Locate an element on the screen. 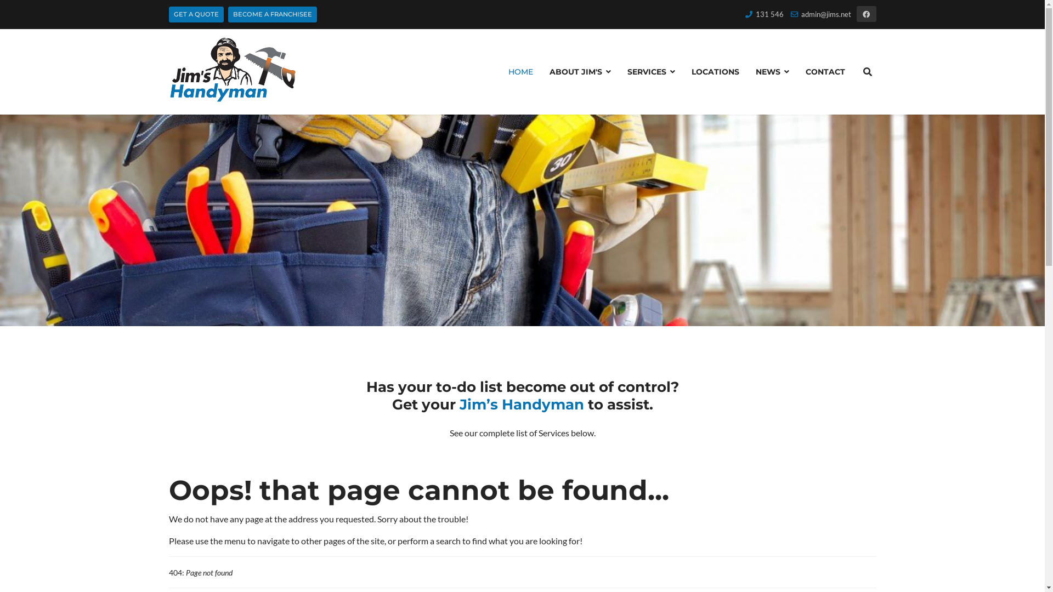  'LOCATIONS' is located at coordinates (715, 72).